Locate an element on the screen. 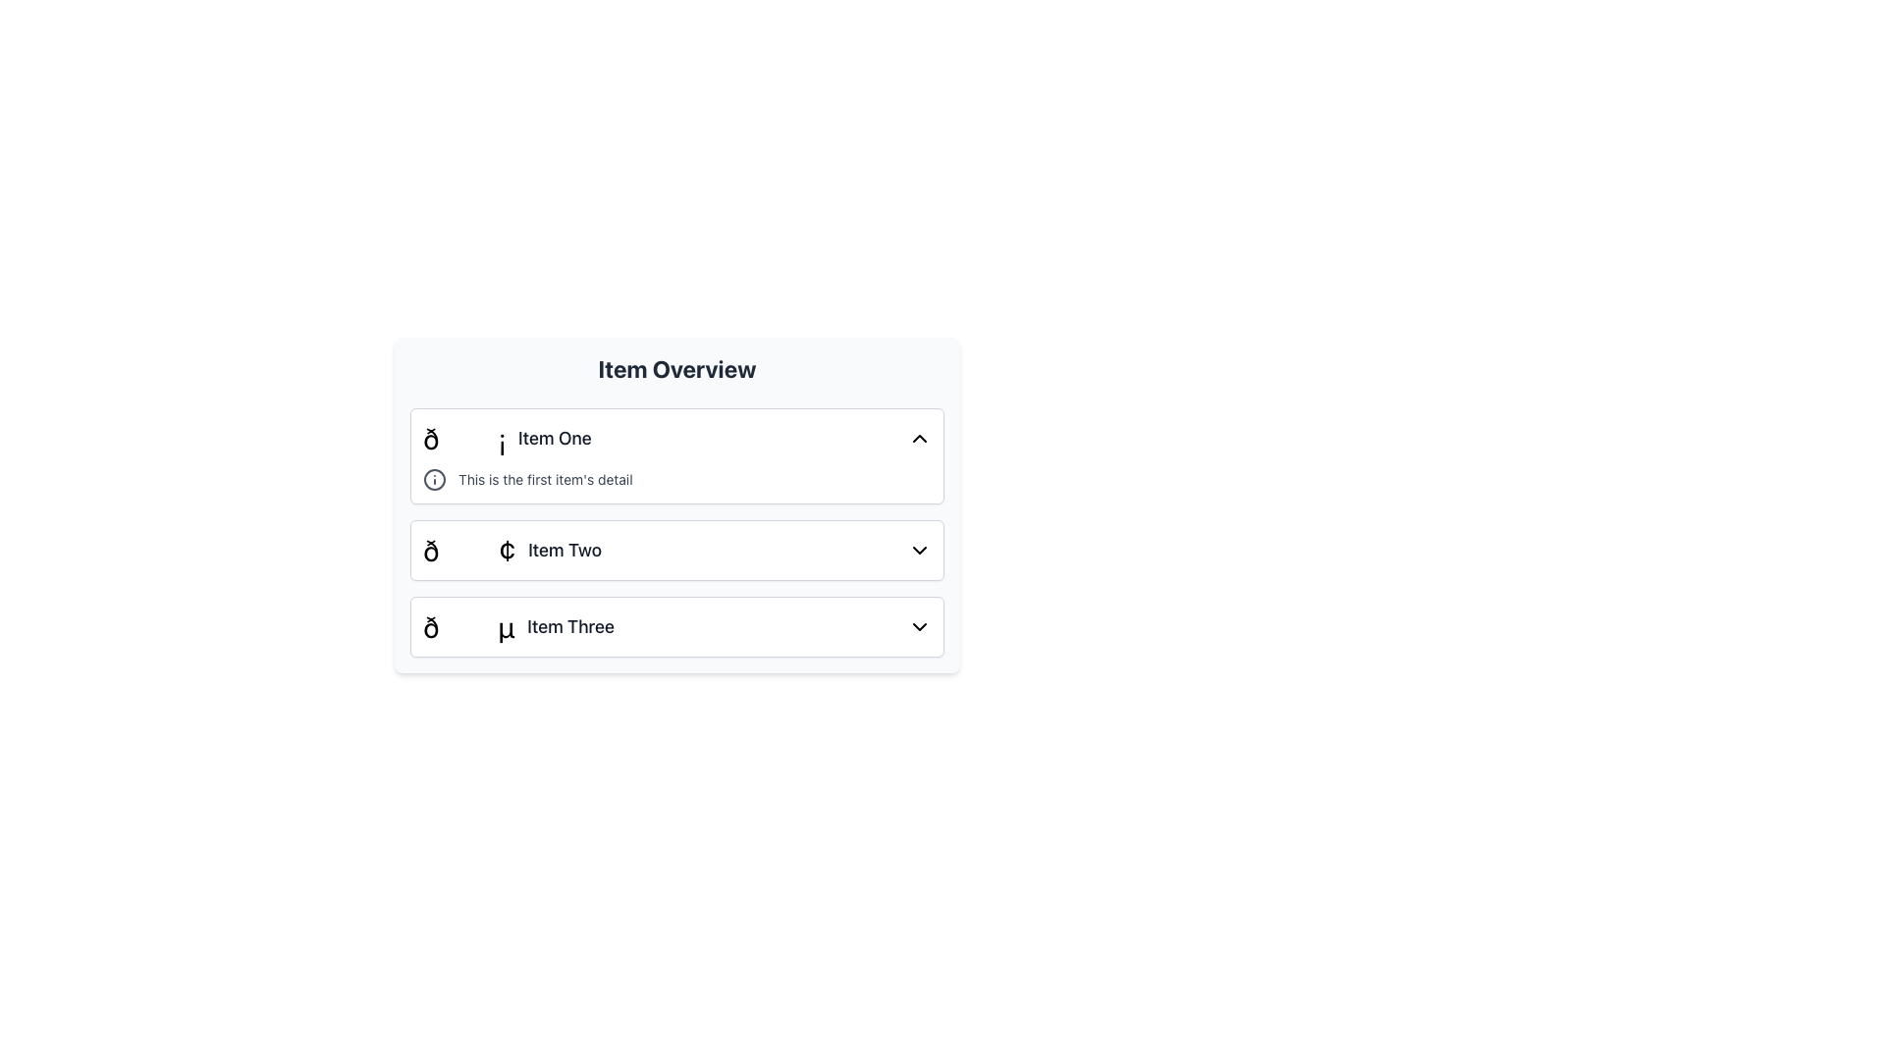 The width and height of the screenshot is (1885, 1060). the Collapsible List Item labeled 'Item Two', which is the second entry in the vertical list is located at coordinates (677, 550).